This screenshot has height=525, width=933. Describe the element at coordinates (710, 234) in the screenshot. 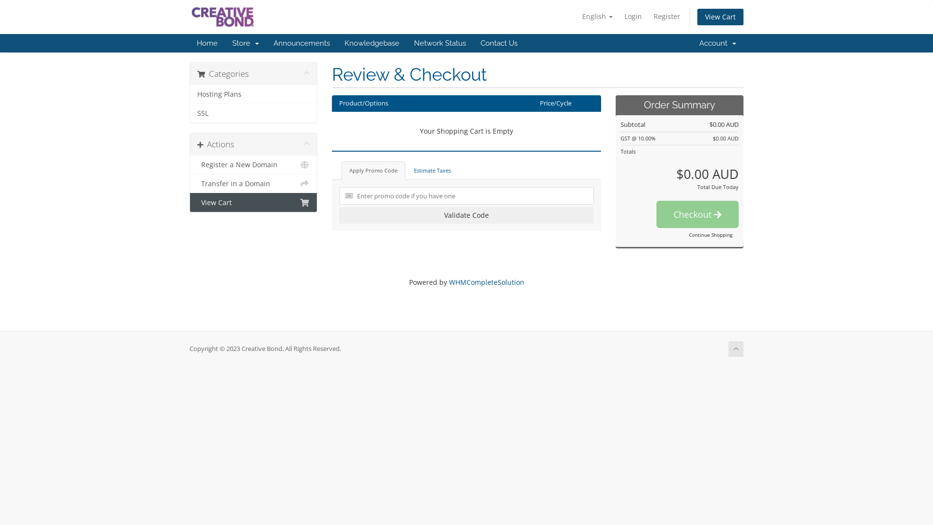

I see `'Continue Shopping'` at that location.